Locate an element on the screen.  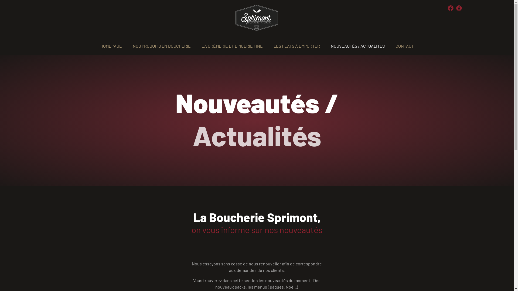
'CONTACT' is located at coordinates (404, 46).